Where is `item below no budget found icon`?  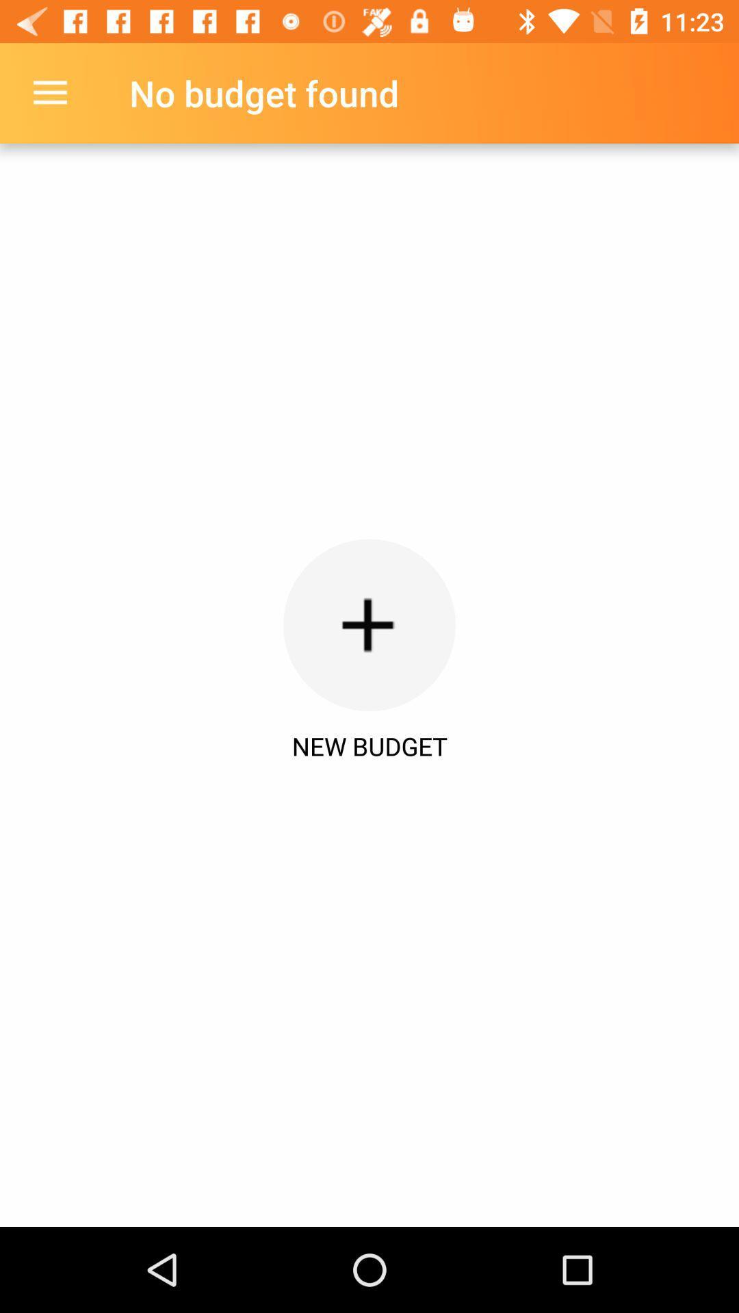
item below no budget found icon is located at coordinates (369, 624).